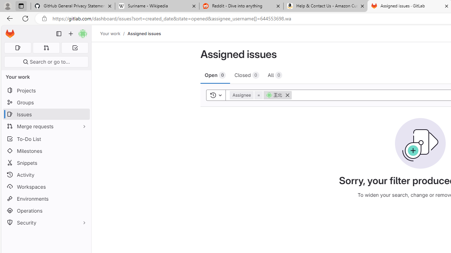 This screenshot has width=451, height=253. Describe the element at coordinates (71, 34) in the screenshot. I see `'Create new...'` at that location.